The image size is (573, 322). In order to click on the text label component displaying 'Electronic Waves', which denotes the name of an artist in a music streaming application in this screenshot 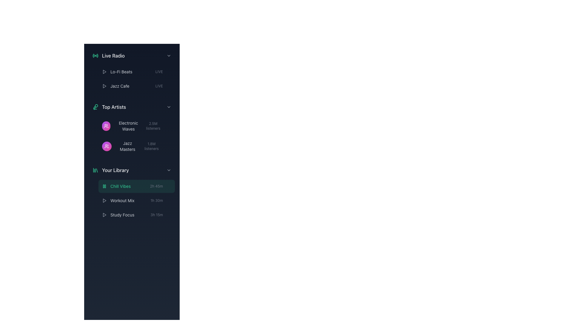, I will do `click(128, 126)`.